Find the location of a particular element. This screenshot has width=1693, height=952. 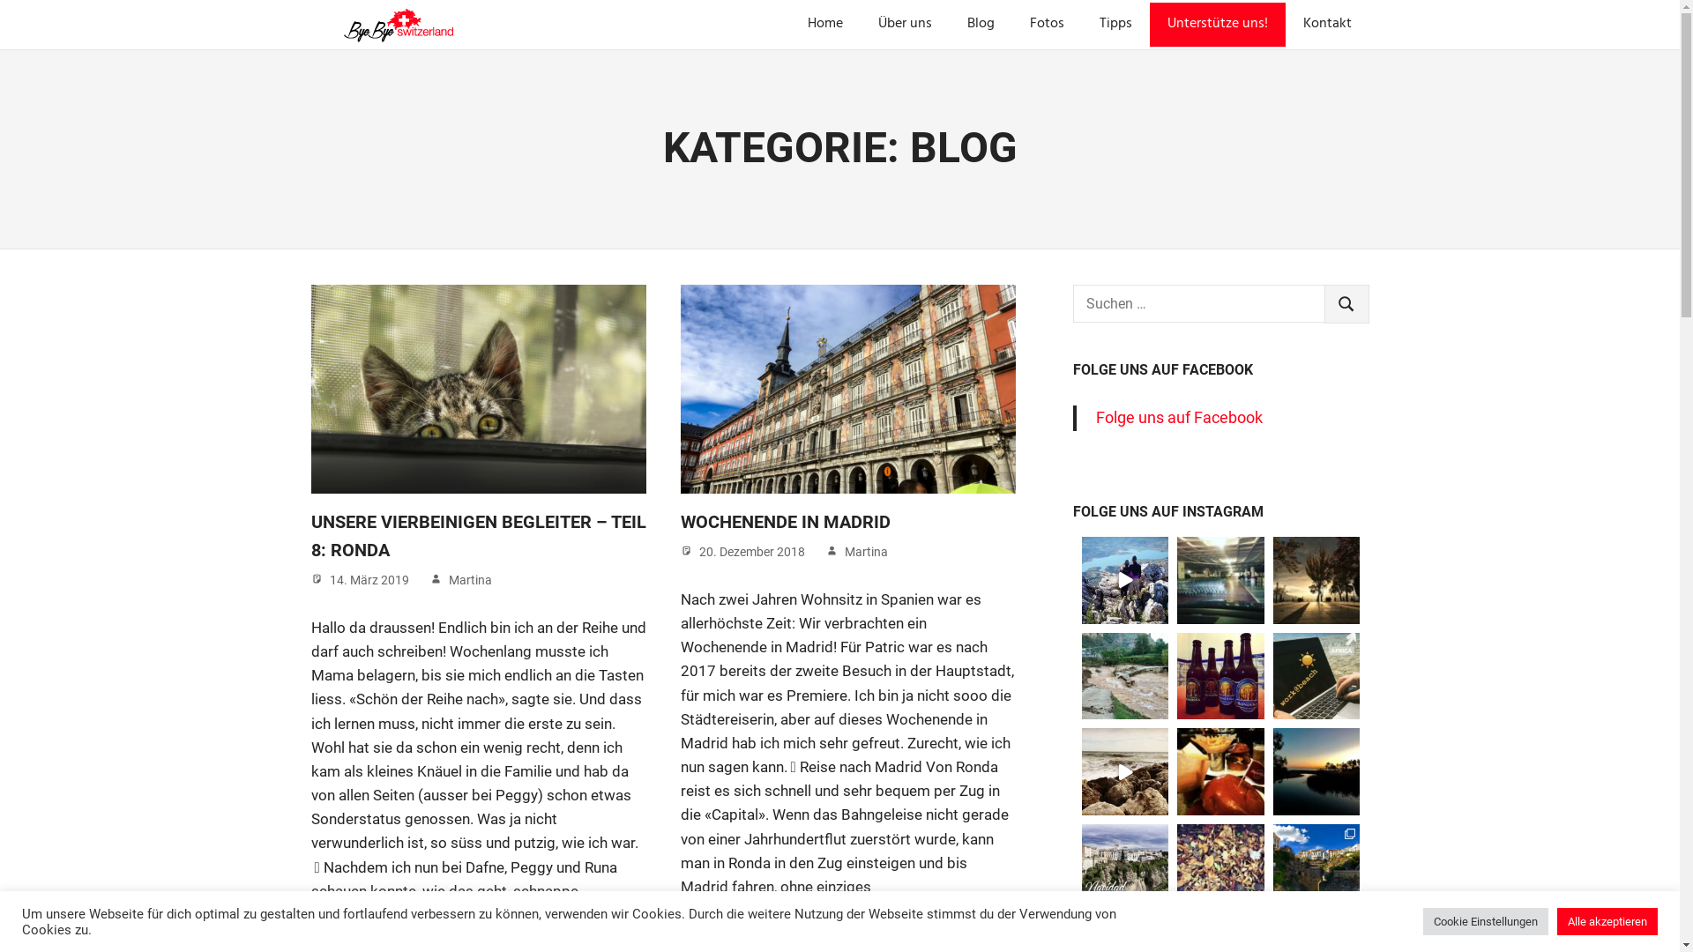

'Martina' is located at coordinates (469, 580).